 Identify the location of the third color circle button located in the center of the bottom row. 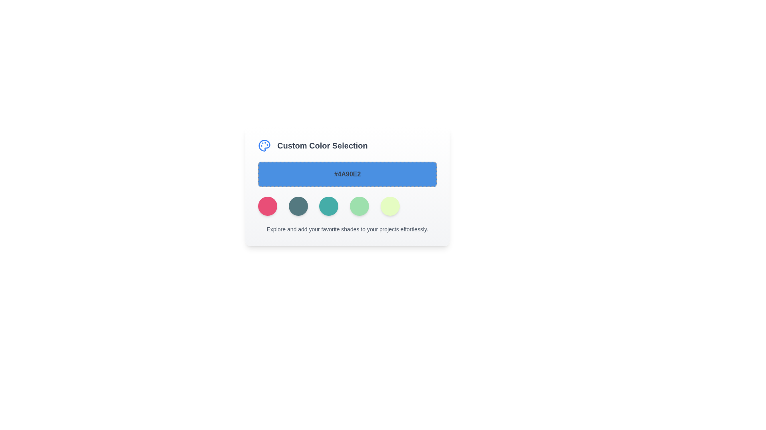
(329, 205).